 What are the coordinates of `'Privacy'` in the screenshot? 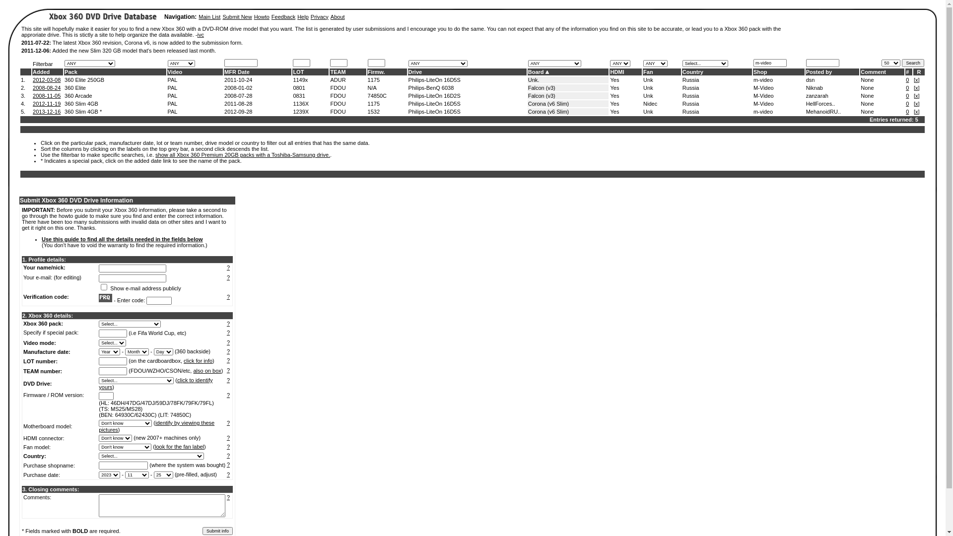 It's located at (310, 17).